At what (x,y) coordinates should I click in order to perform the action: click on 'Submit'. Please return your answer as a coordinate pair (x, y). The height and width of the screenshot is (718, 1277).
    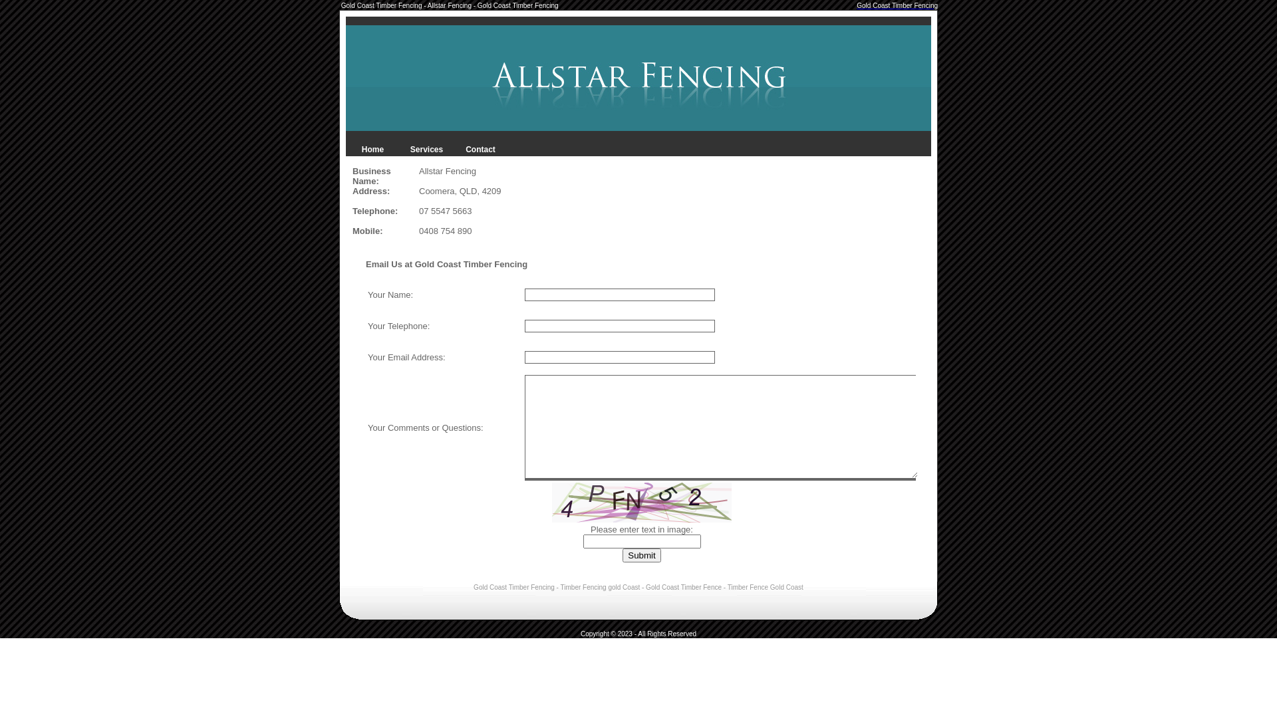
    Looking at the image, I should click on (641, 555).